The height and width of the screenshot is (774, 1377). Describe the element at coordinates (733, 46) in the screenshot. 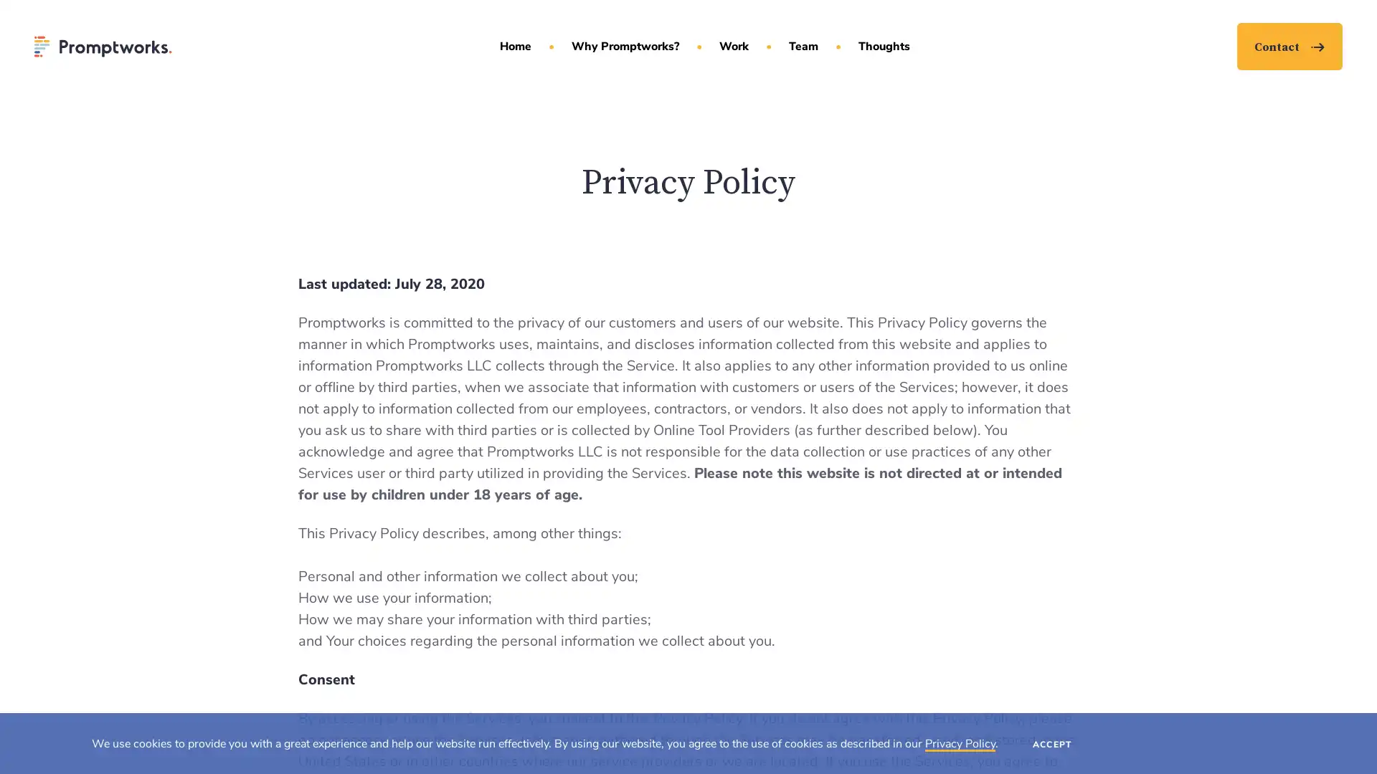

I see `Work` at that location.